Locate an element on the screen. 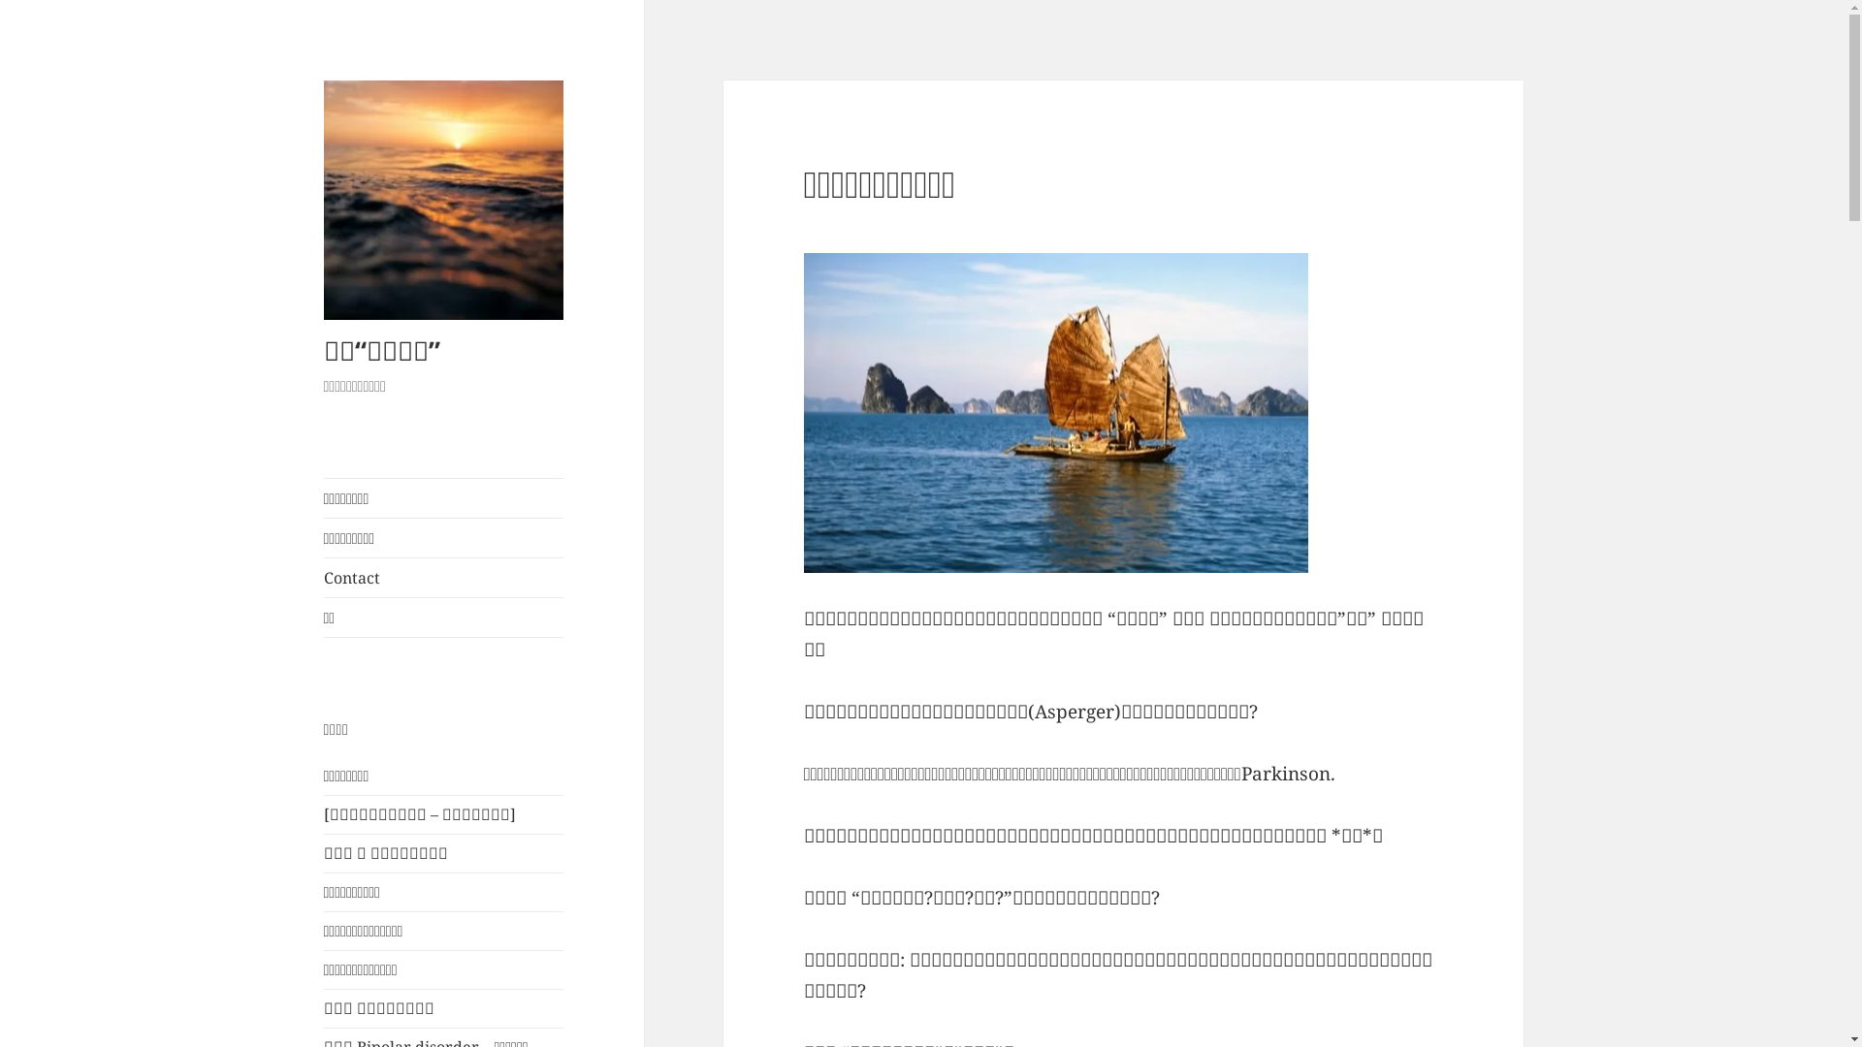  'Contact' is located at coordinates (324, 577).